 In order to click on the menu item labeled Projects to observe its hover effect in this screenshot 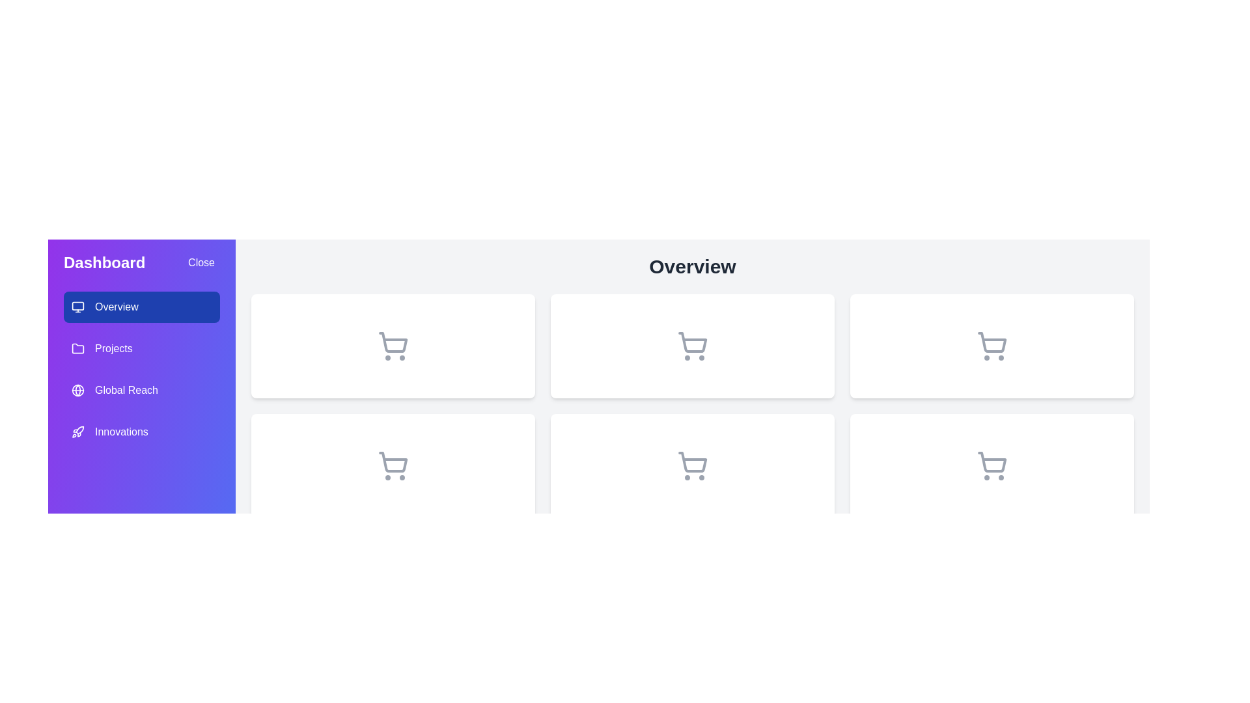, I will do `click(141, 348)`.